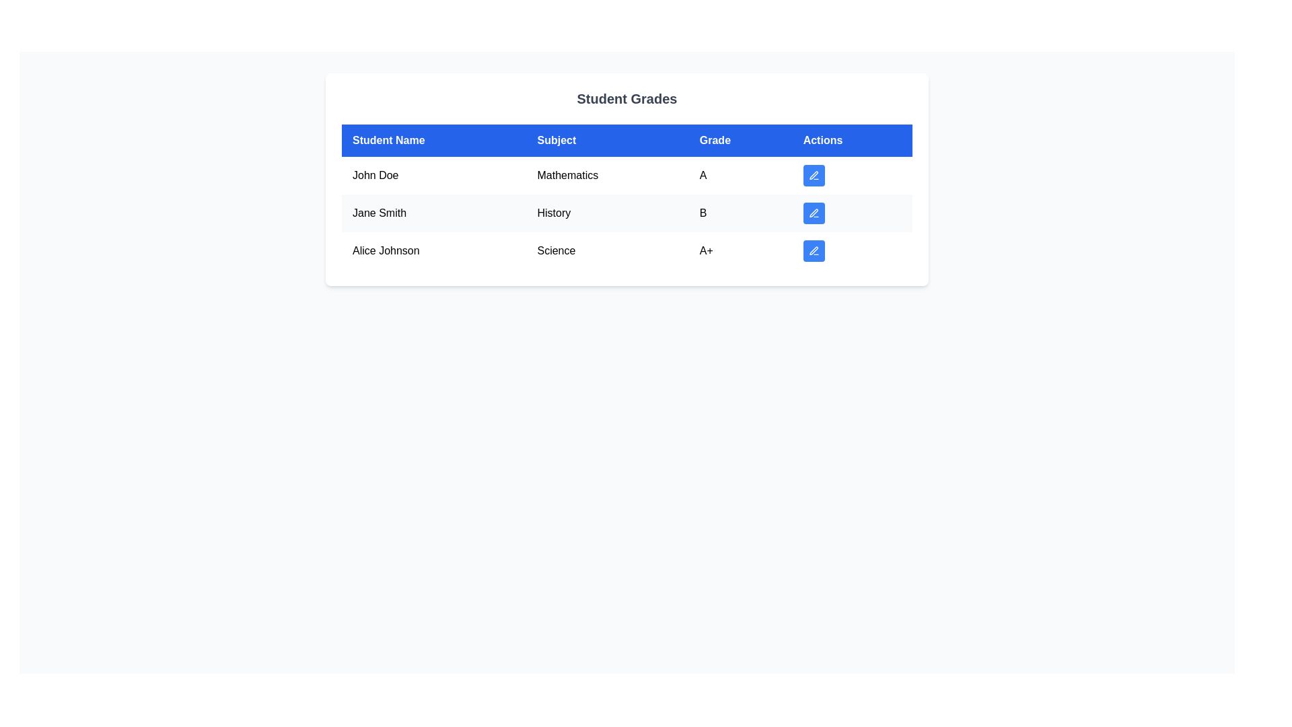 The width and height of the screenshot is (1292, 727). Describe the element at coordinates (626, 212) in the screenshot. I see `the second row of the 'Student Grades' table containing 'Jane Smith', 'History', and grade 'B'` at that location.